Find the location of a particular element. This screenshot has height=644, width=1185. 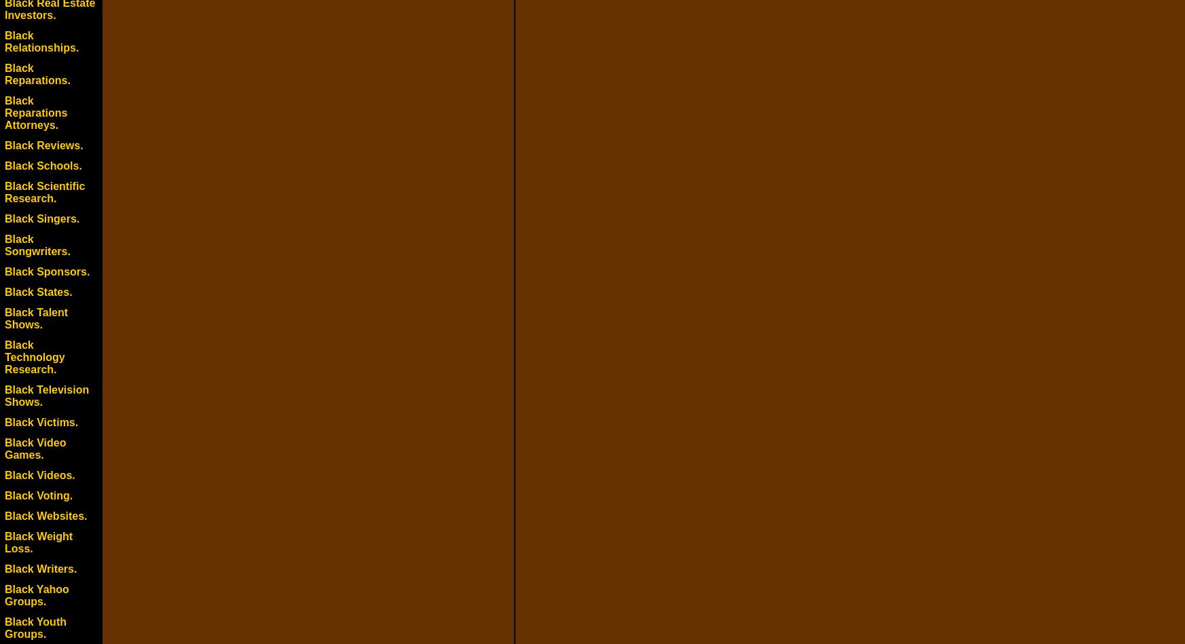

'Black Television Shows.' is located at coordinates (45, 395).